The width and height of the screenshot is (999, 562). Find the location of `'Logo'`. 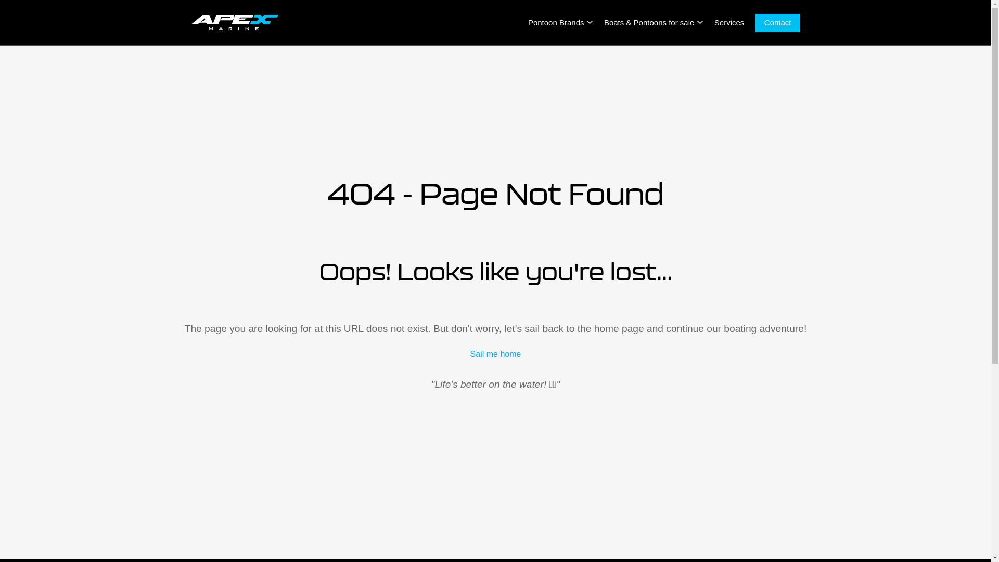

'Logo' is located at coordinates (234, 22).